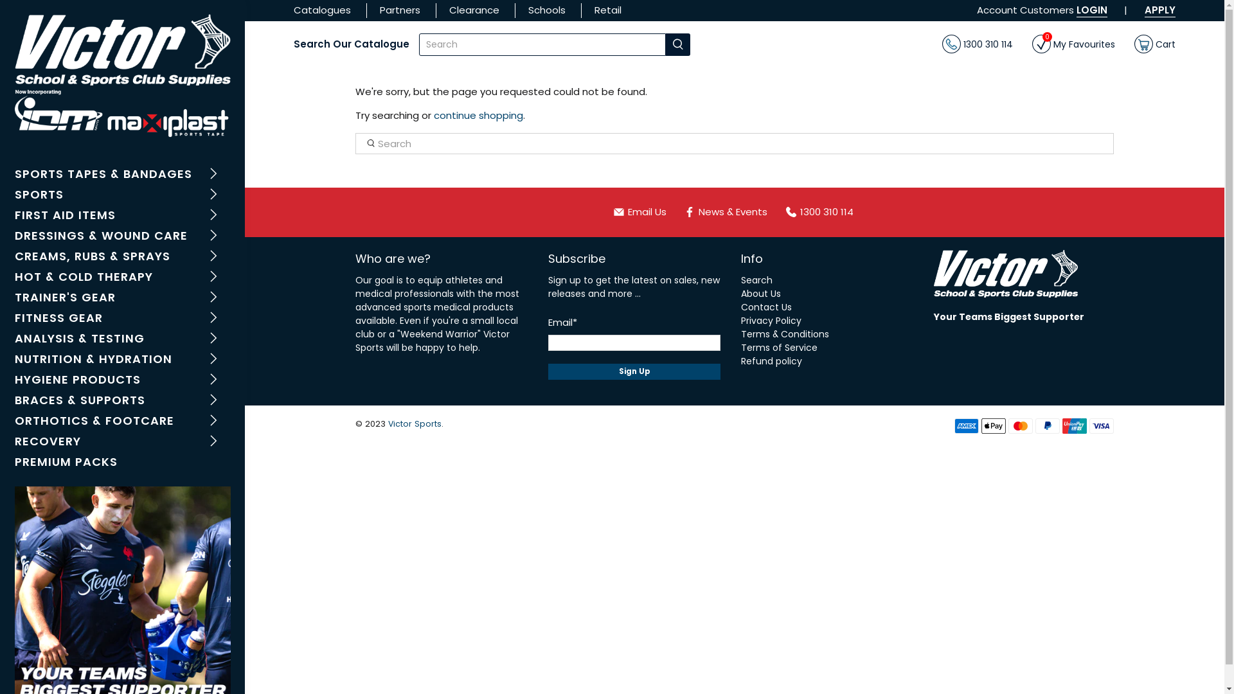 The height and width of the screenshot is (694, 1234). What do you see at coordinates (399, 10) in the screenshot?
I see `'Partners'` at bounding box center [399, 10].